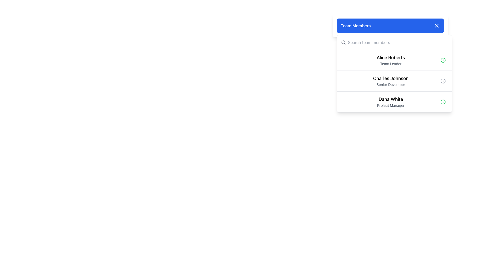 The image size is (495, 278). Describe the element at coordinates (391, 99) in the screenshot. I see `the text element displaying 'Dana White', which is styled in black and located in the Team Members section under the role 'Project Manager'` at that location.